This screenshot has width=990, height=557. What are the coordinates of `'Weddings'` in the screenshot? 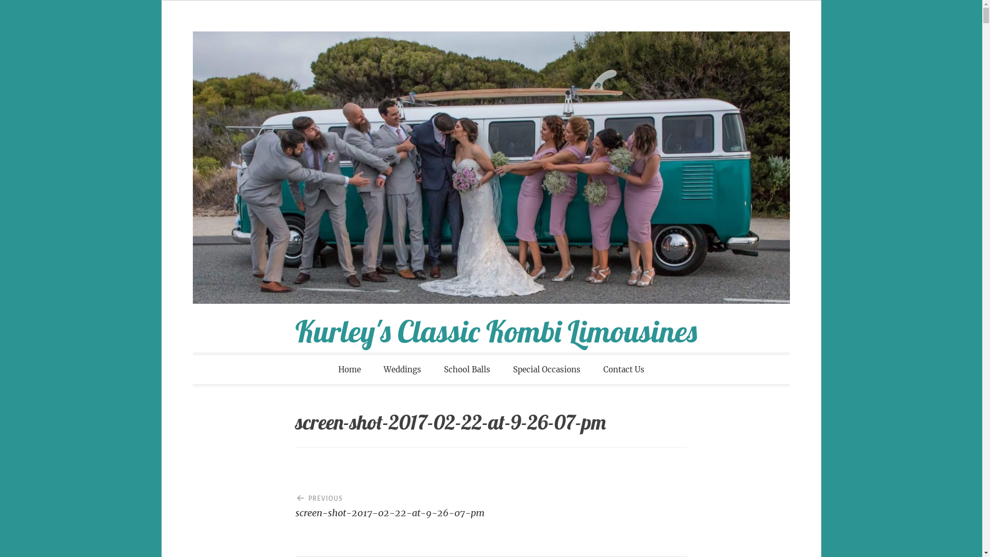 It's located at (373, 369).